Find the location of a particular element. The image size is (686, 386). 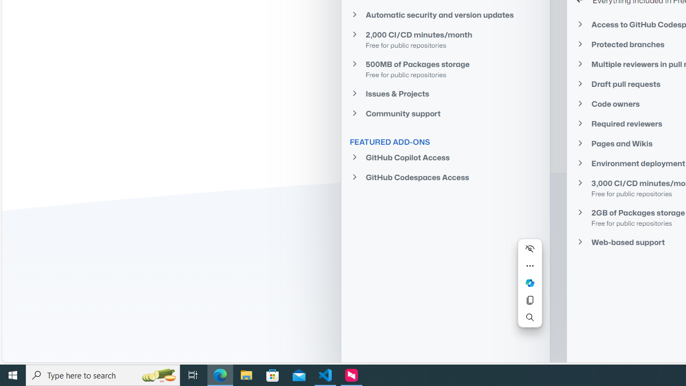

'Mini menu on text selection' is located at coordinates (530, 289).